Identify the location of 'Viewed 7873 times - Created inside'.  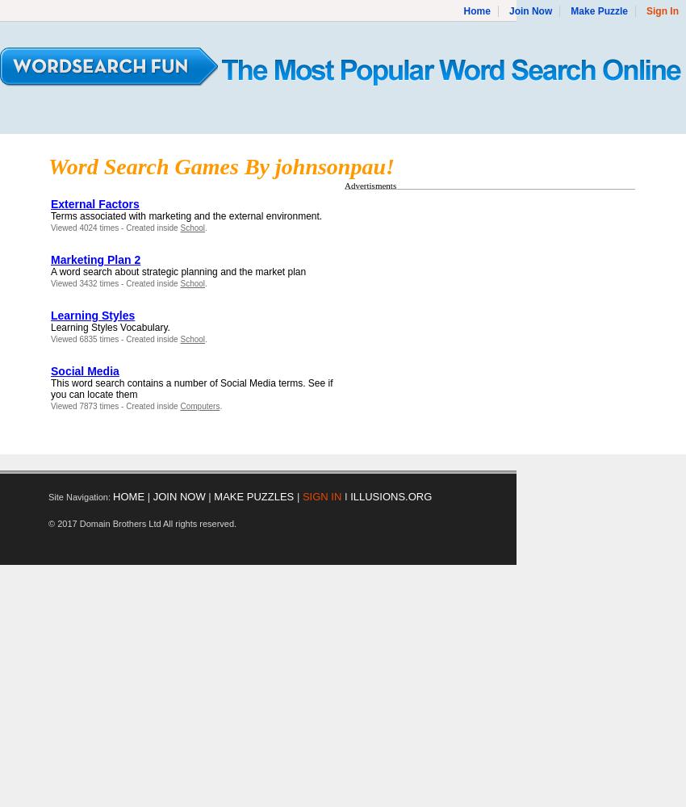
(115, 406).